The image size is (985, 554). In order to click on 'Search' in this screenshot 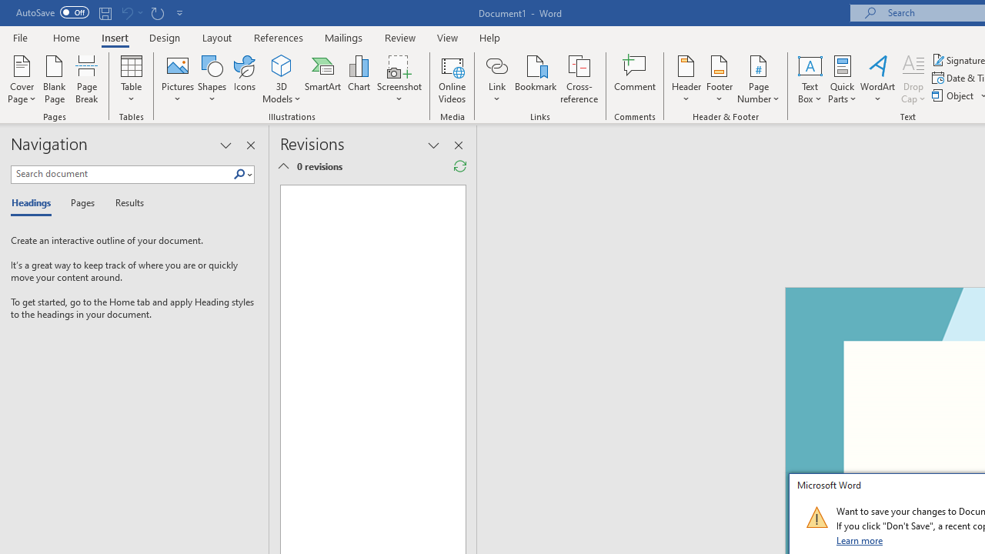, I will do `click(239, 174)`.